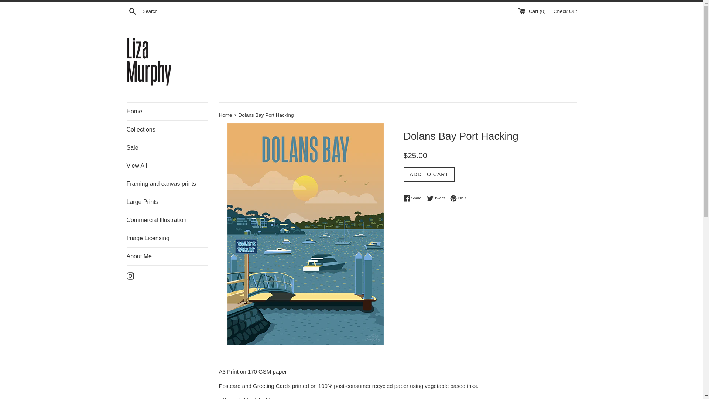  Describe the element at coordinates (438, 198) in the screenshot. I see `'Tweet` at that location.